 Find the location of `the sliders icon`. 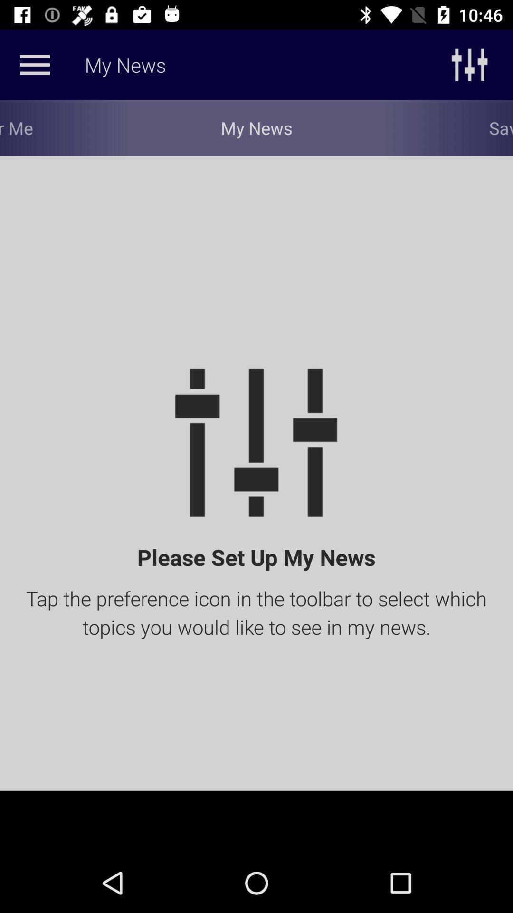

the sliders icon is located at coordinates (469, 64).